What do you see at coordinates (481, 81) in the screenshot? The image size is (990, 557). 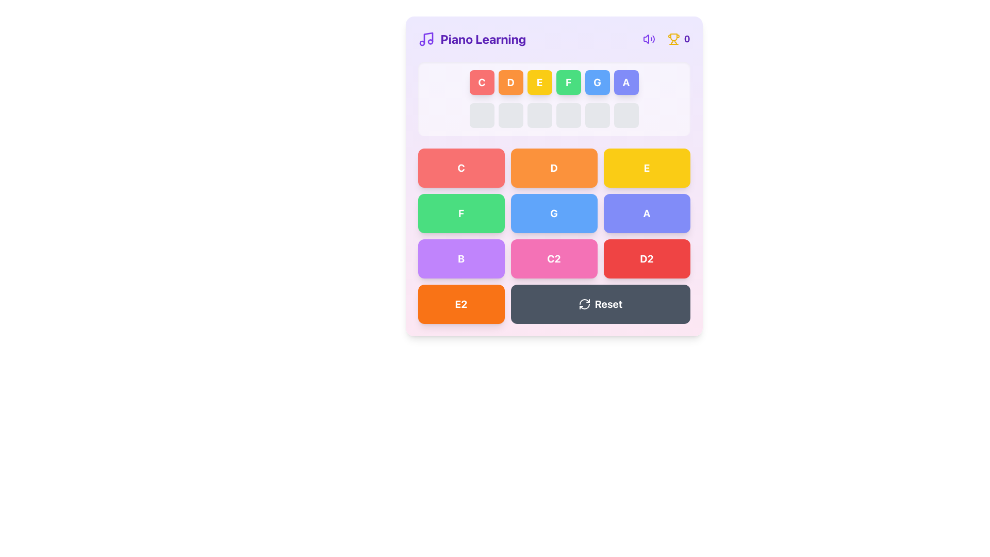 I see `the character 'C' styled in bold white font within the red circular button located in the first row of the grid layout` at bounding box center [481, 81].